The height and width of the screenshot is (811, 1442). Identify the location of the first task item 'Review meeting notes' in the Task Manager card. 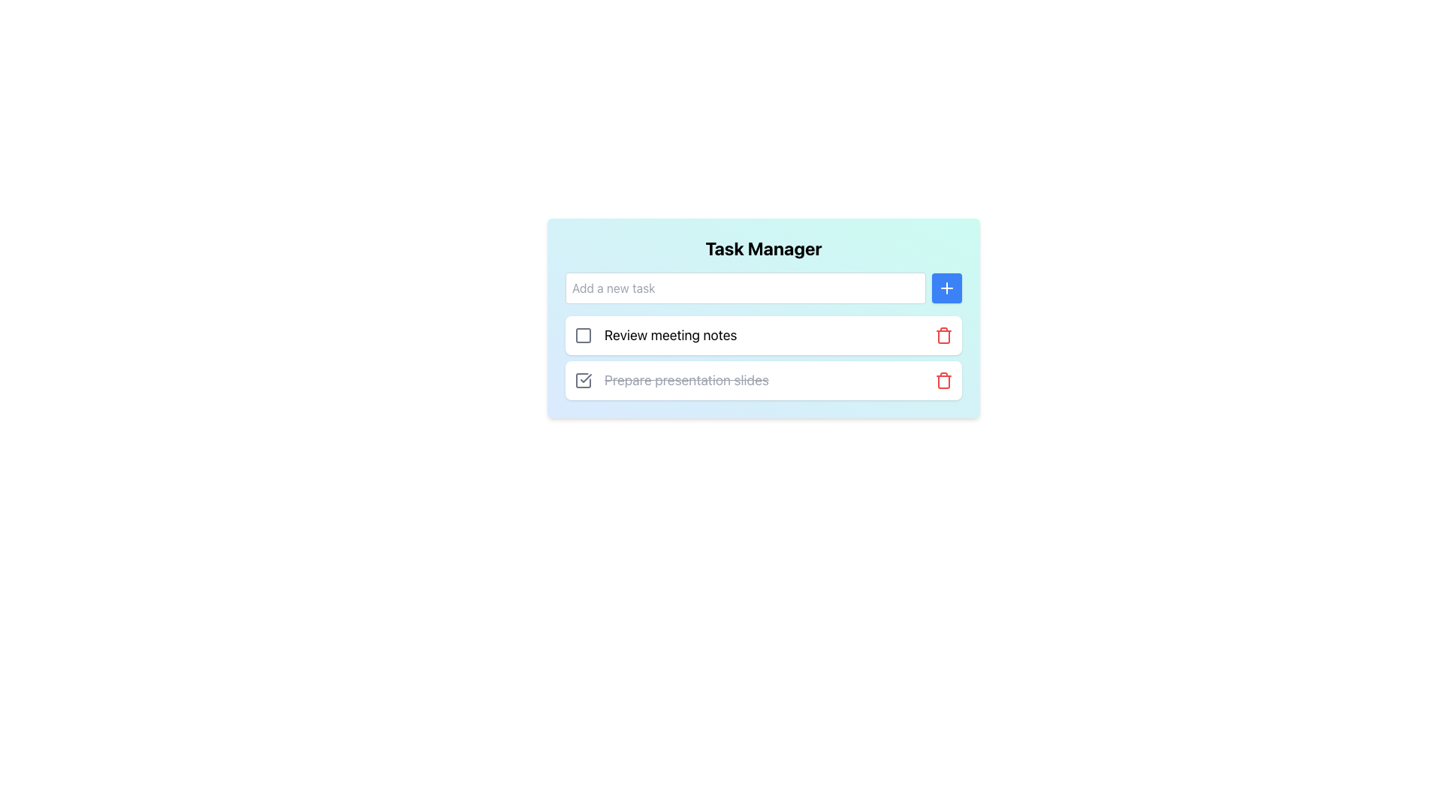
(764, 335).